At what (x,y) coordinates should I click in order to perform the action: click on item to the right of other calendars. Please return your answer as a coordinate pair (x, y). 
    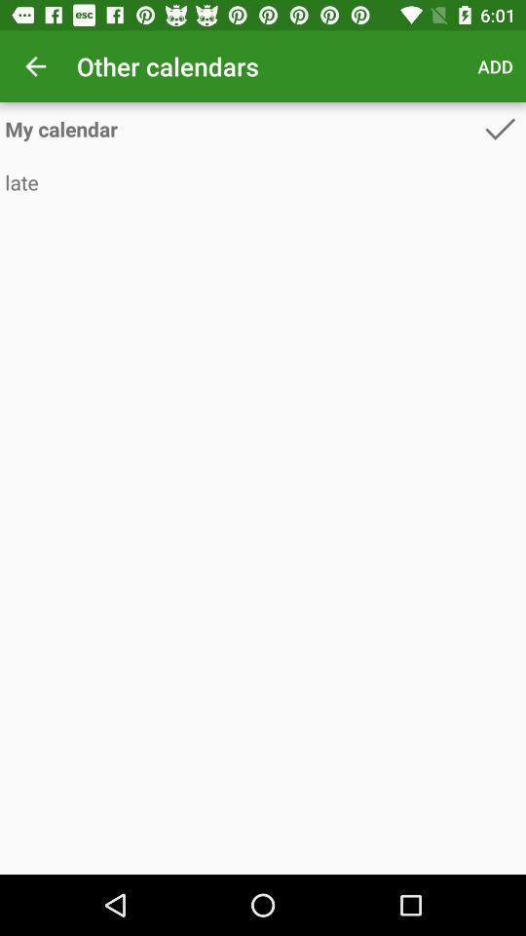
    Looking at the image, I should click on (495, 66).